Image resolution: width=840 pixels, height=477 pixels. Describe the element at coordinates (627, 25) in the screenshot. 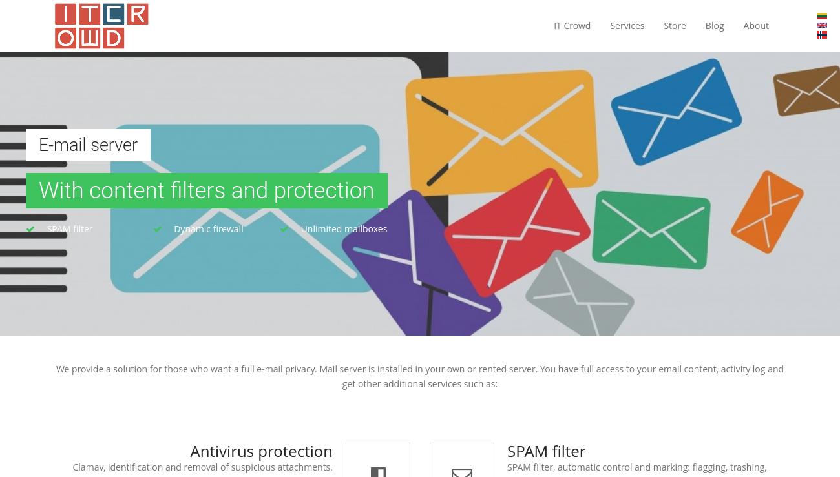

I see `'Services'` at that location.